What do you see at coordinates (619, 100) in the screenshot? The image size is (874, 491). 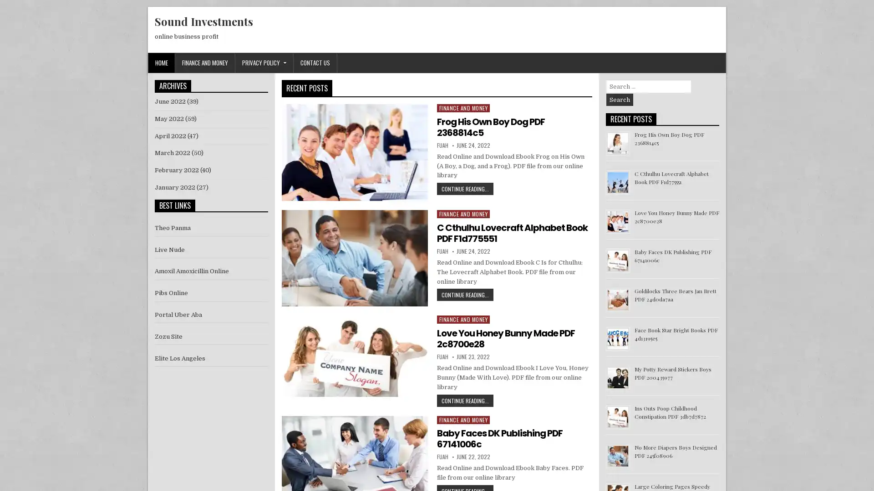 I see `Search` at bounding box center [619, 100].